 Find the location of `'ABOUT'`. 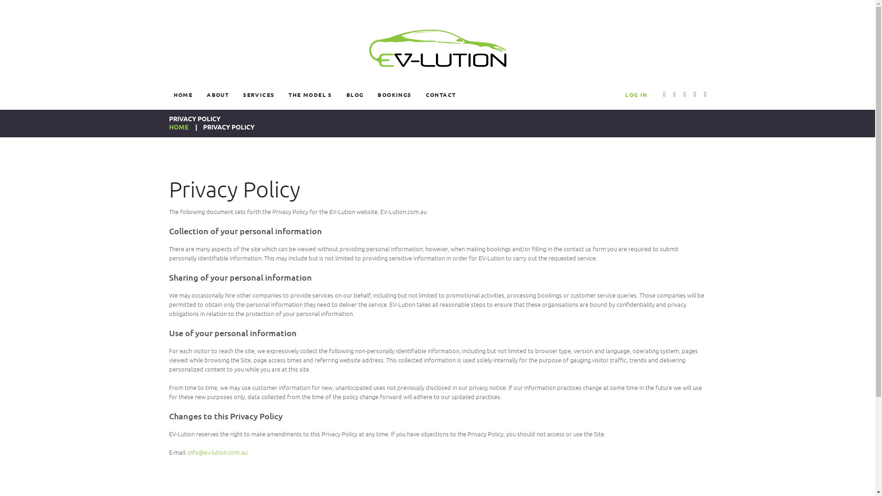

'ABOUT' is located at coordinates (202, 94).